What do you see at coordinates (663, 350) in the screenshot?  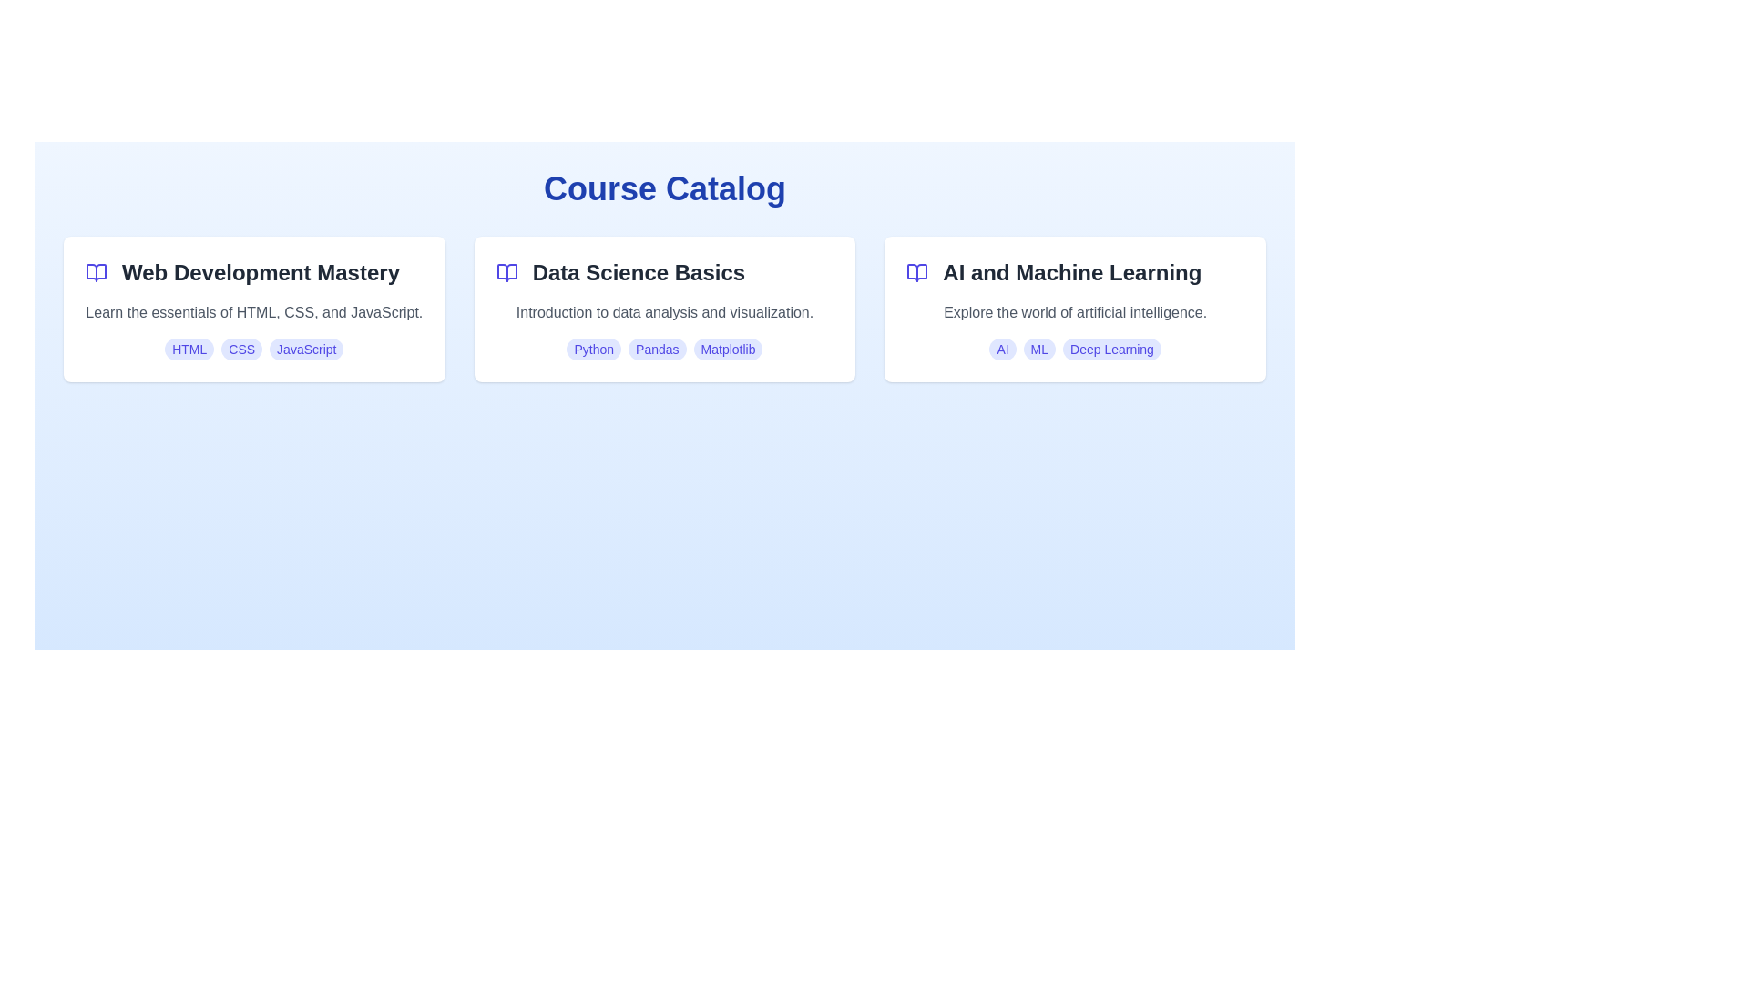 I see `the decorative tag group located at the bottom of the 'Data Science Basics' card, beneath the subtitle 'Introduction to data analysis and visualization'` at bounding box center [663, 350].